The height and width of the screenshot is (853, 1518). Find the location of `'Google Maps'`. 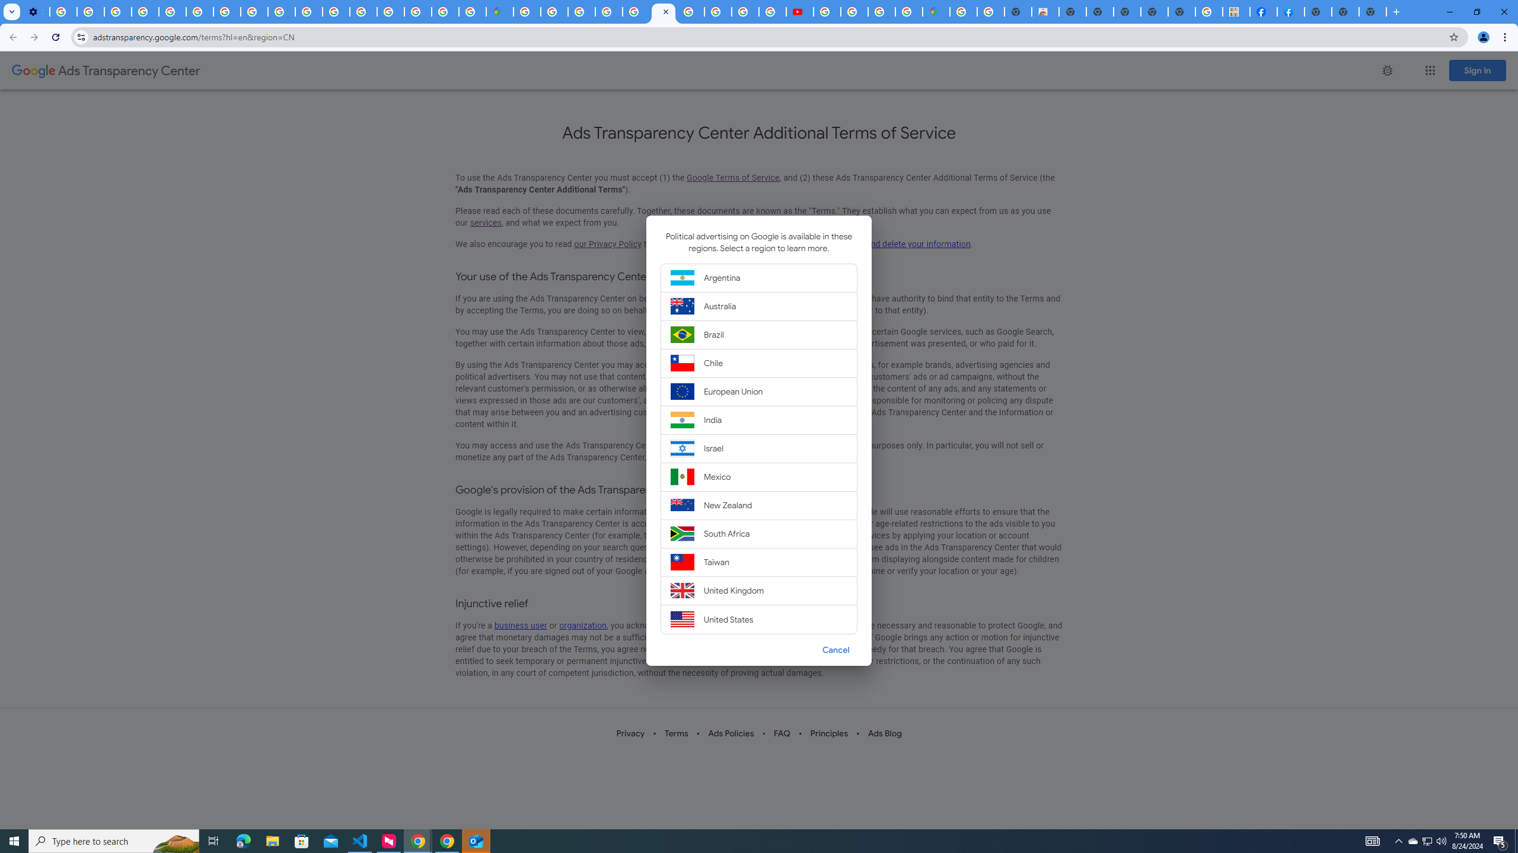

'Google Maps' is located at coordinates (935, 11).